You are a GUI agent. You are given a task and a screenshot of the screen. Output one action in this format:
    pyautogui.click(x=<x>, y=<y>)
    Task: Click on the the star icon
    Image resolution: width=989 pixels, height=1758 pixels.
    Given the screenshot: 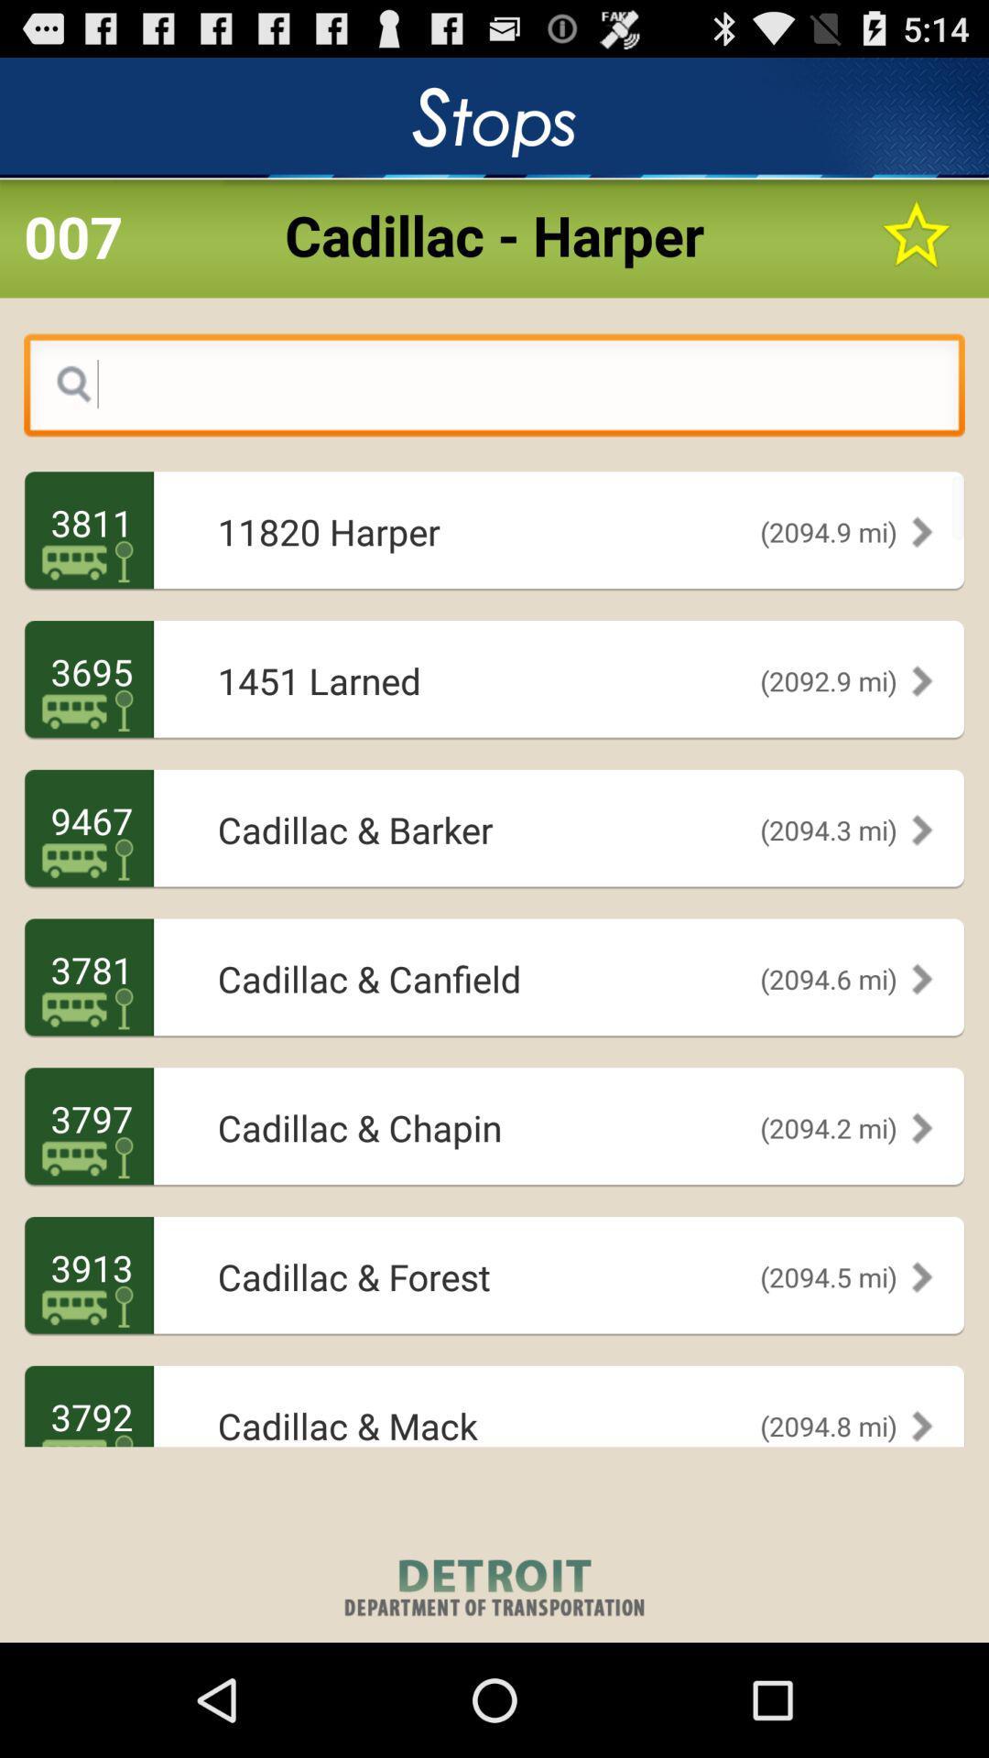 What is the action you would take?
    pyautogui.click(x=918, y=254)
    